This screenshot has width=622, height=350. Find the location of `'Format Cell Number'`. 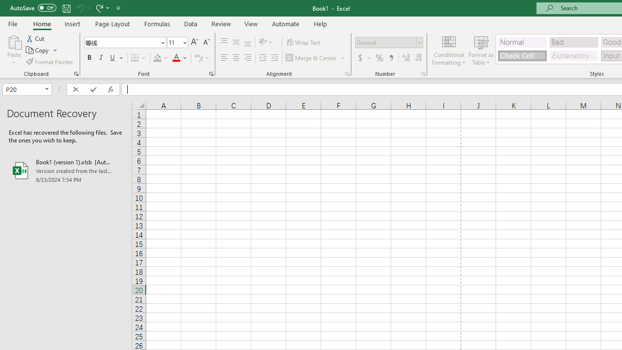

'Format Cell Number' is located at coordinates (423, 73).